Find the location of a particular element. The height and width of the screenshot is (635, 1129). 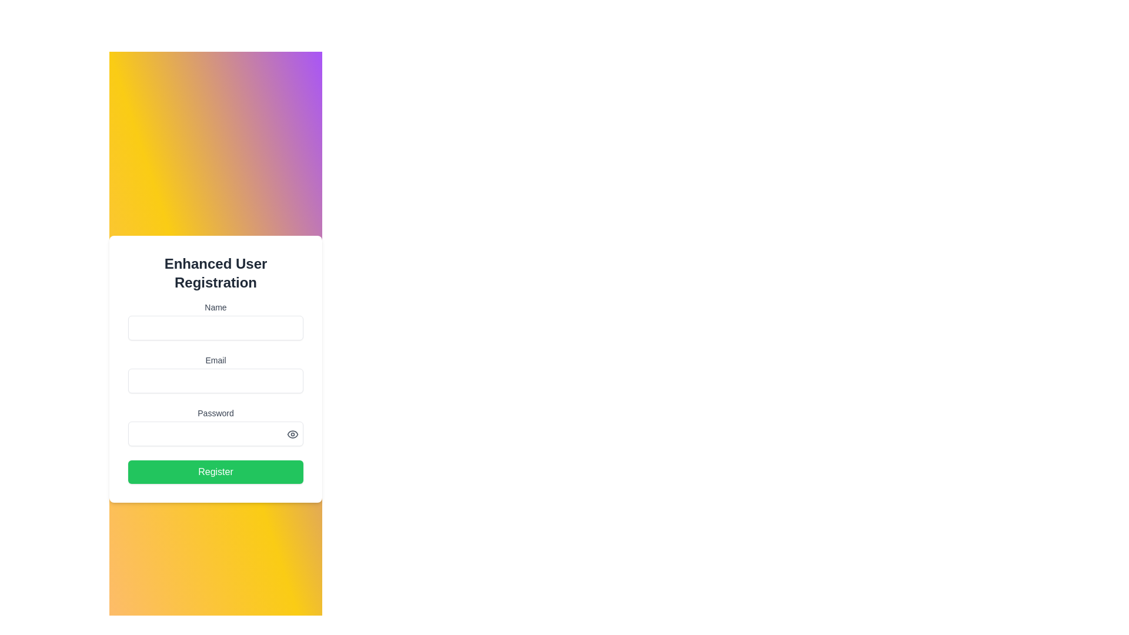

the 'Register' button, which has a green background and white text, to trigger hover effects is located at coordinates (215, 471).